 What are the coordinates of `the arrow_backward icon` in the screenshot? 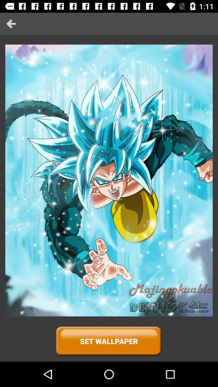 It's located at (10, 23).